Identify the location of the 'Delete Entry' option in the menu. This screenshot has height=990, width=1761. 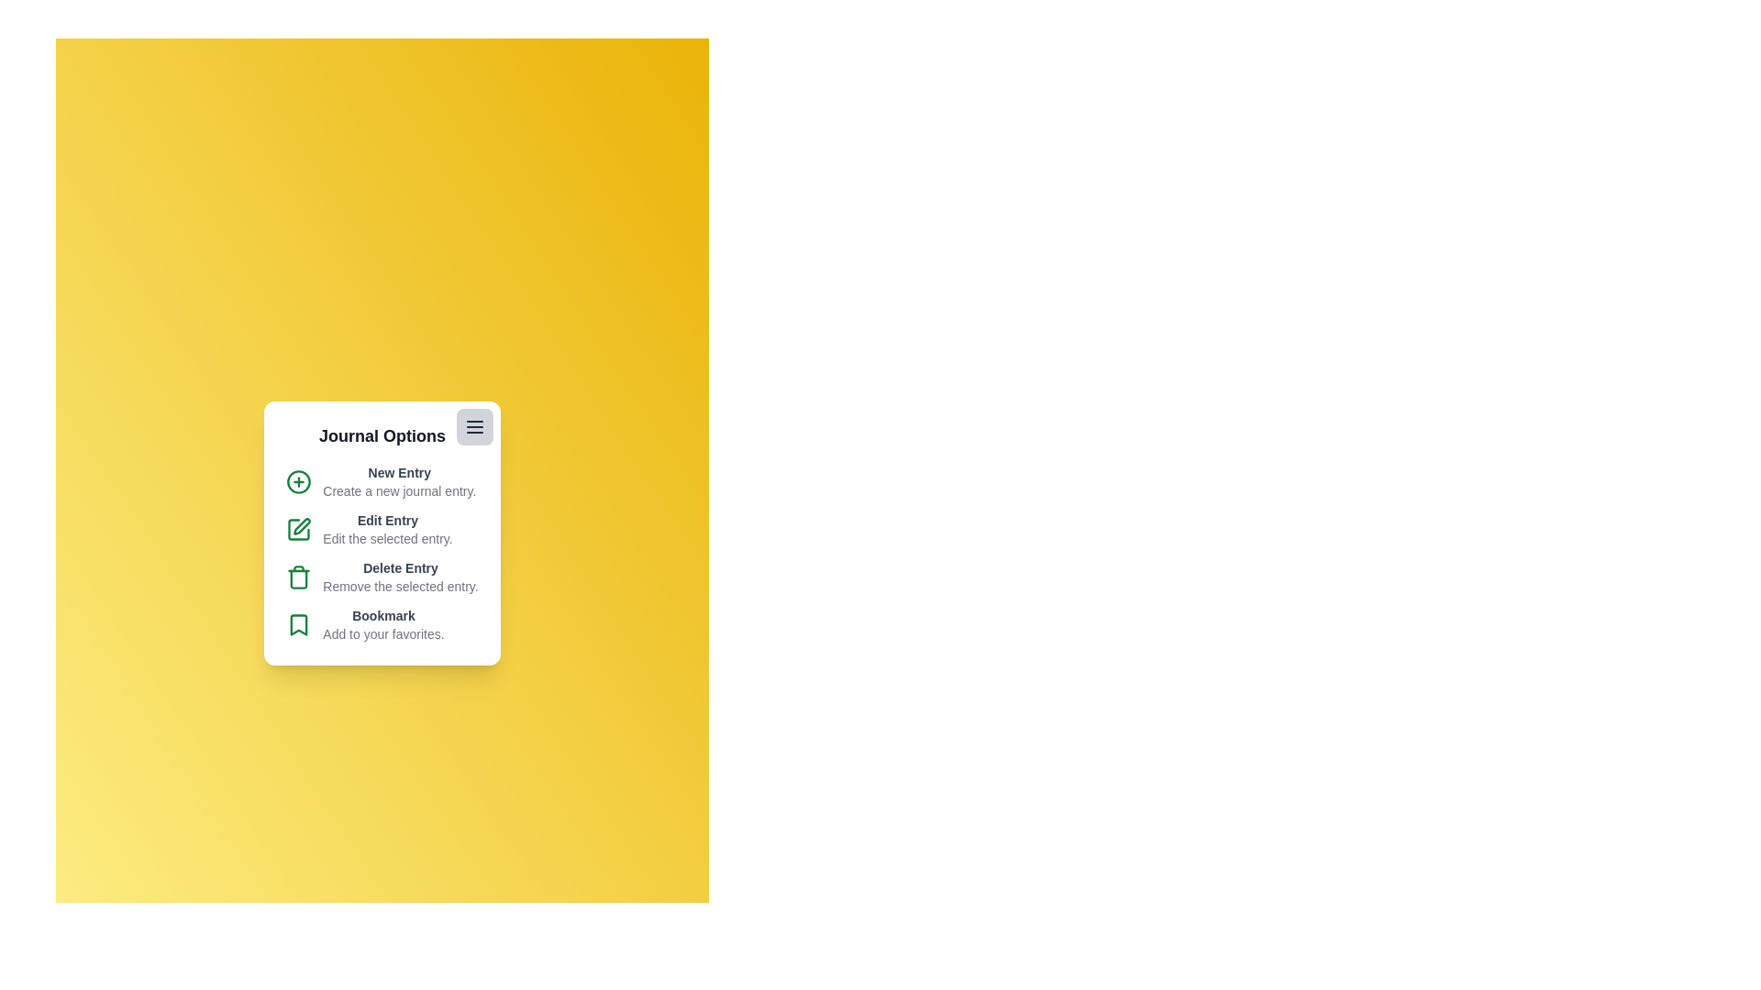
(381, 576).